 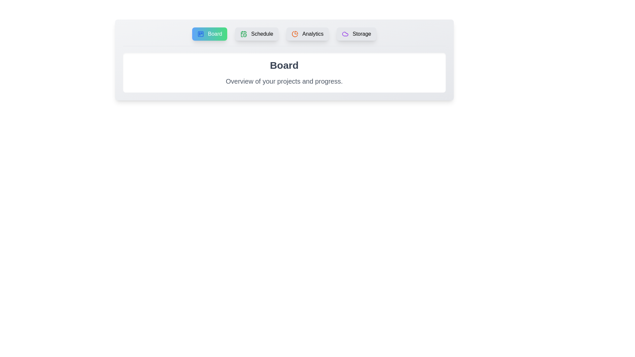 What do you see at coordinates (356, 34) in the screenshot?
I see `the tab labeled Storage to observe its hover effect` at bounding box center [356, 34].